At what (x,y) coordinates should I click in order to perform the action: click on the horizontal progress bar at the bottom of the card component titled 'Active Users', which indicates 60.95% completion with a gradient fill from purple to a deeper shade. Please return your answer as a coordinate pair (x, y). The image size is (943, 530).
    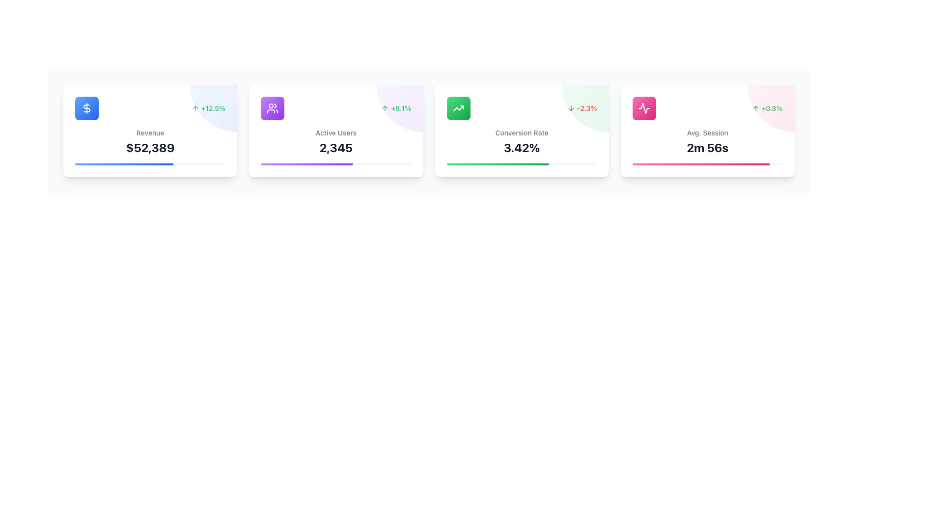
    Looking at the image, I should click on (336, 164).